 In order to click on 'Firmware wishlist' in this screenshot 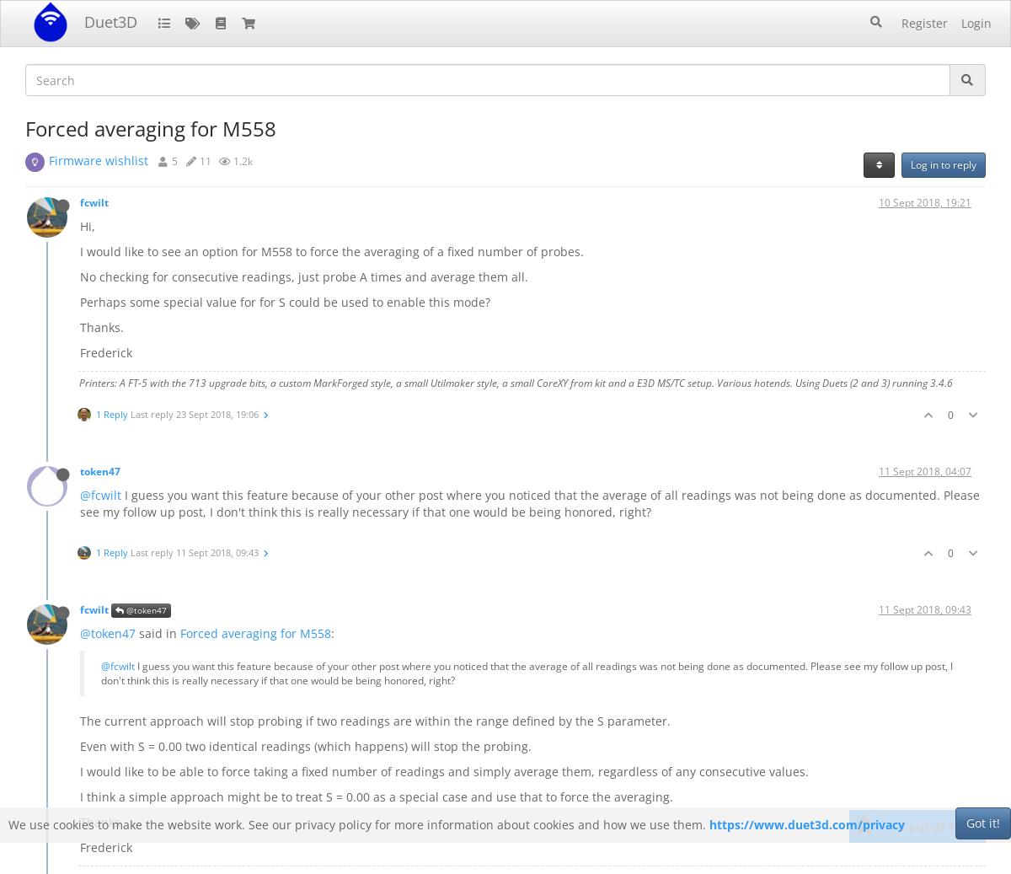, I will do `click(99, 159)`.